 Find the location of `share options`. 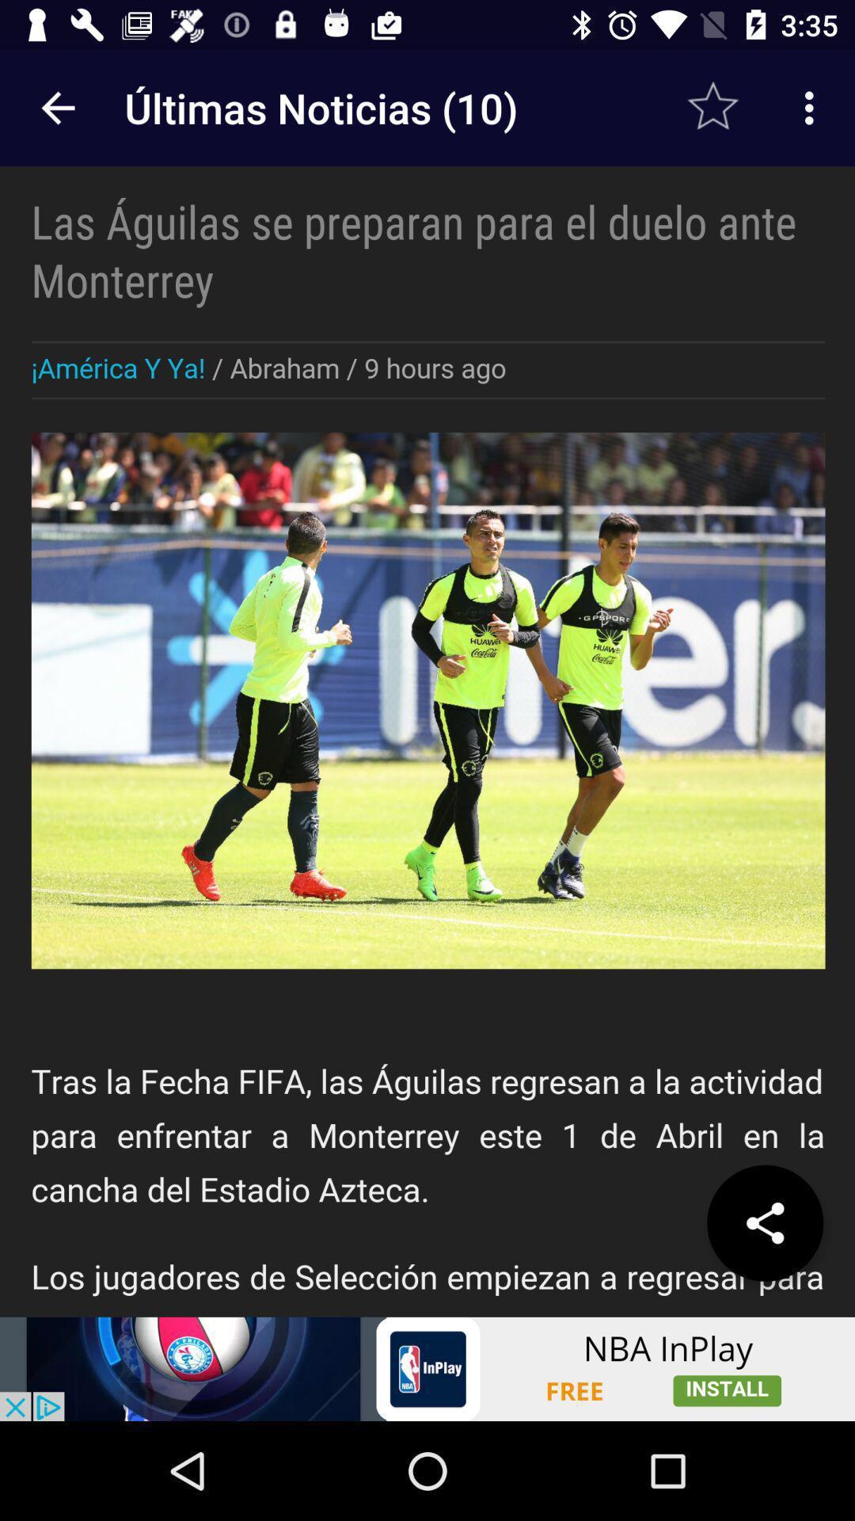

share options is located at coordinates (764, 1222).